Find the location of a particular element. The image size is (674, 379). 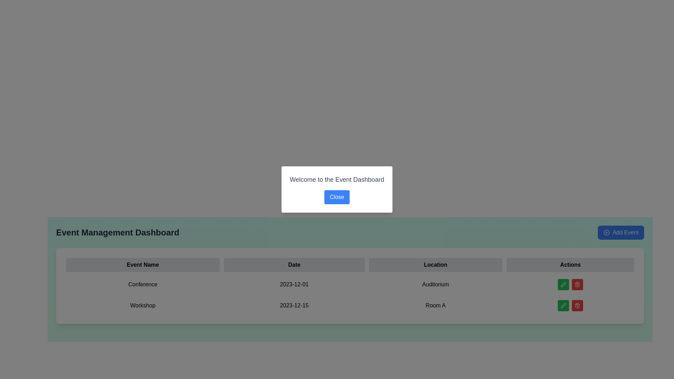

the delete icon located in the Actions column of the first row is located at coordinates (577, 284).